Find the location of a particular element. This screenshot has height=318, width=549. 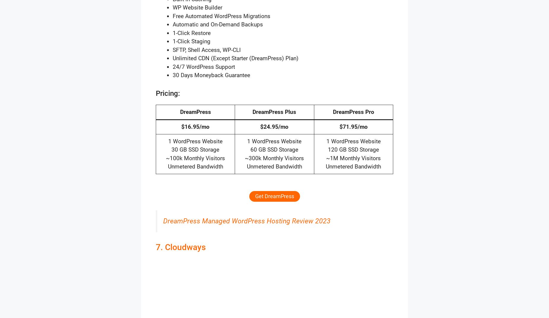

'~100k Monthly Visitors' is located at coordinates (166, 158).